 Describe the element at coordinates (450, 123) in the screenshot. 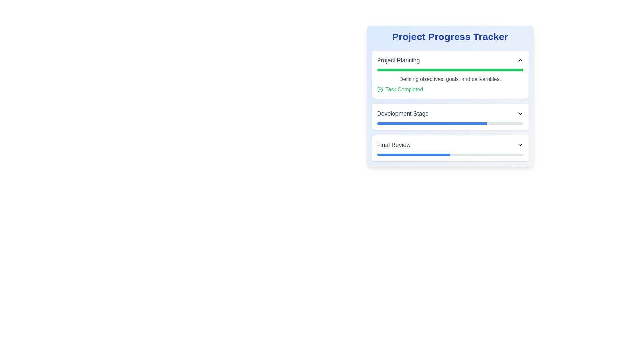

I see `the progress visually on the Progress bar located in the 'Development Stage' section of the progress tracker, which spans horizontally below the section header` at that location.